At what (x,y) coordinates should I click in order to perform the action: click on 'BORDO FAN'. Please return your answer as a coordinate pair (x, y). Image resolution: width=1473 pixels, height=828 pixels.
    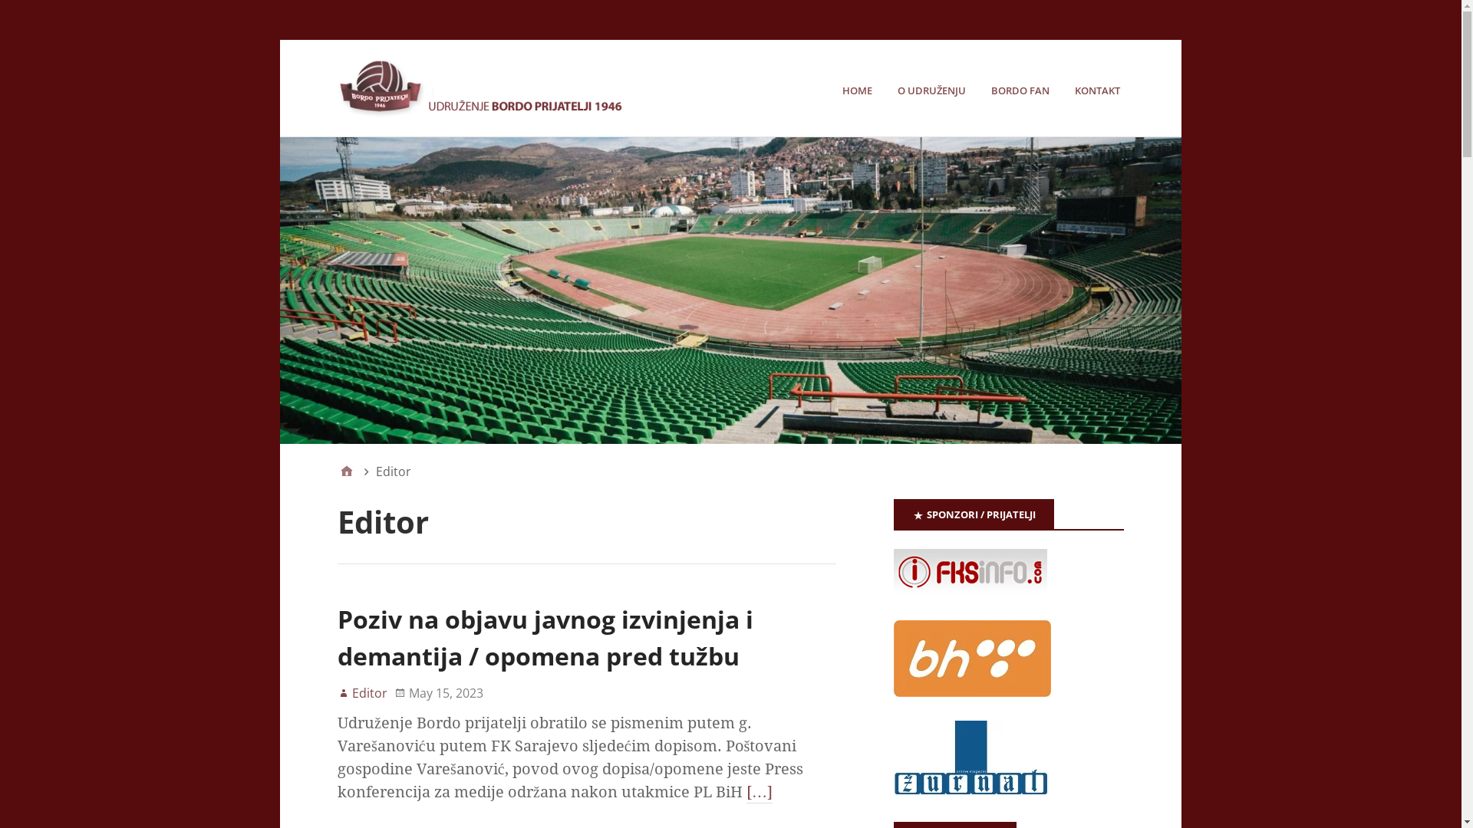
    Looking at the image, I should click on (990, 90).